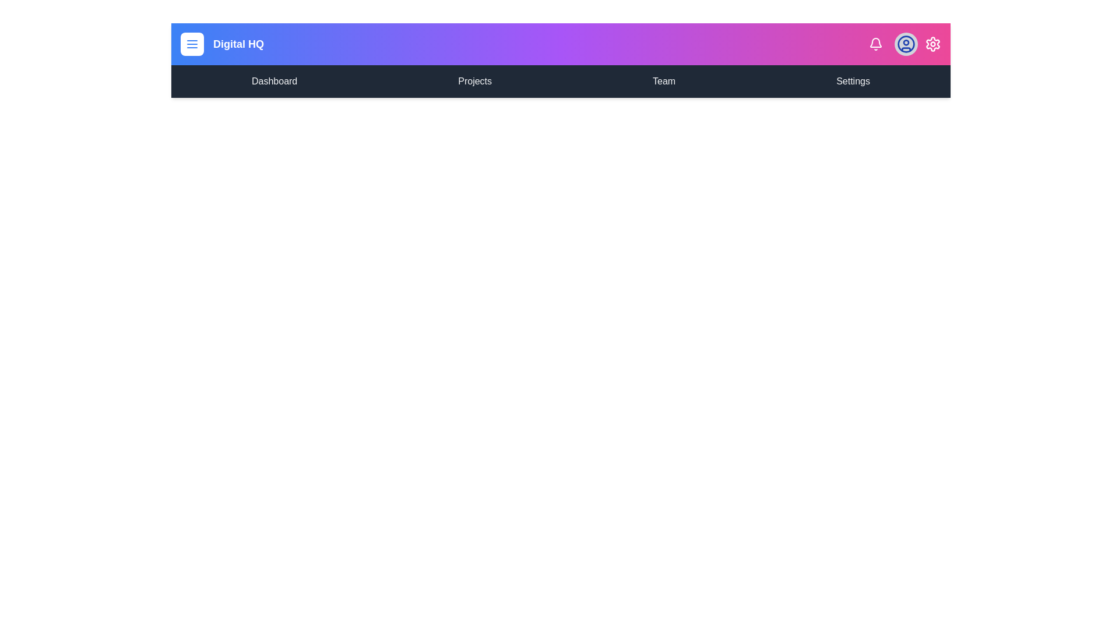 The height and width of the screenshot is (629, 1119). I want to click on the menu item labeled Projects in the navigation bar, so click(475, 80).